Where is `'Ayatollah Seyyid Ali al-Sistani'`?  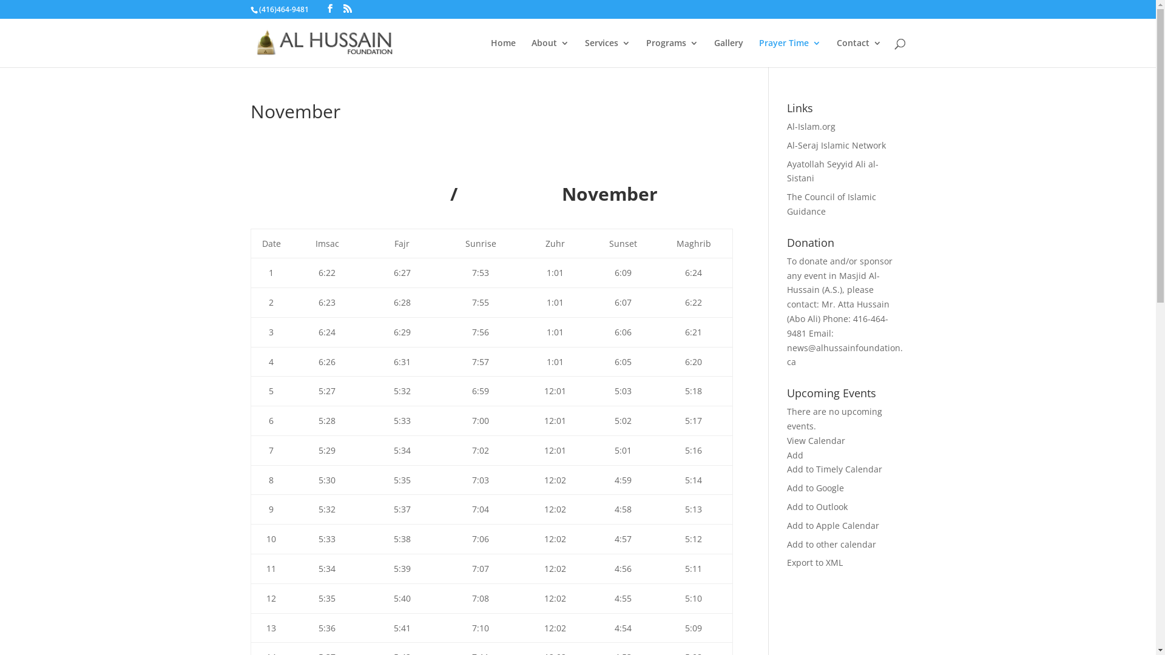
'Ayatollah Seyyid Ali al-Sistani' is located at coordinates (832, 171).